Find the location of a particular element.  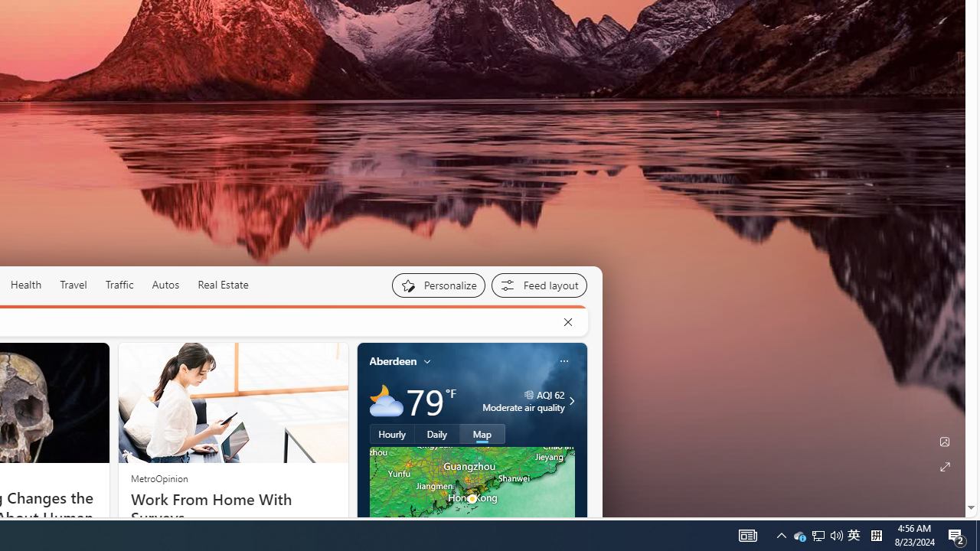

'Expand background' is located at coordinates (943, 466).